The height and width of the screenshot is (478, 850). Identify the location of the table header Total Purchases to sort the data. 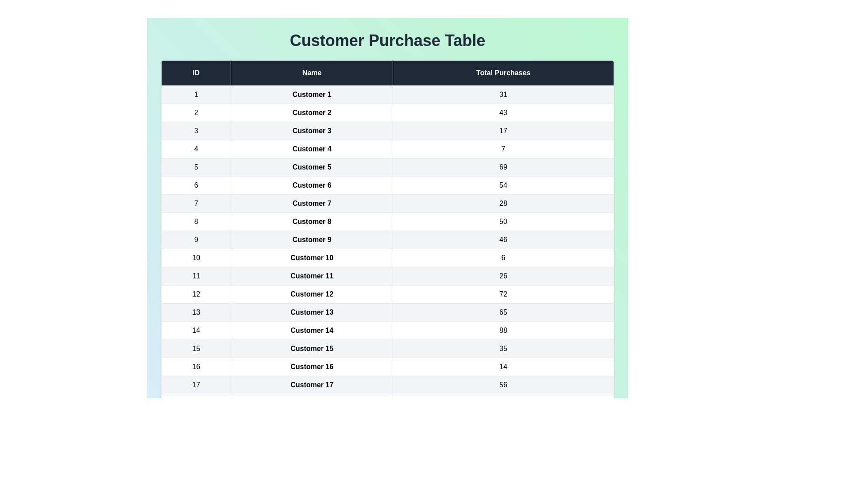
(503, 73).